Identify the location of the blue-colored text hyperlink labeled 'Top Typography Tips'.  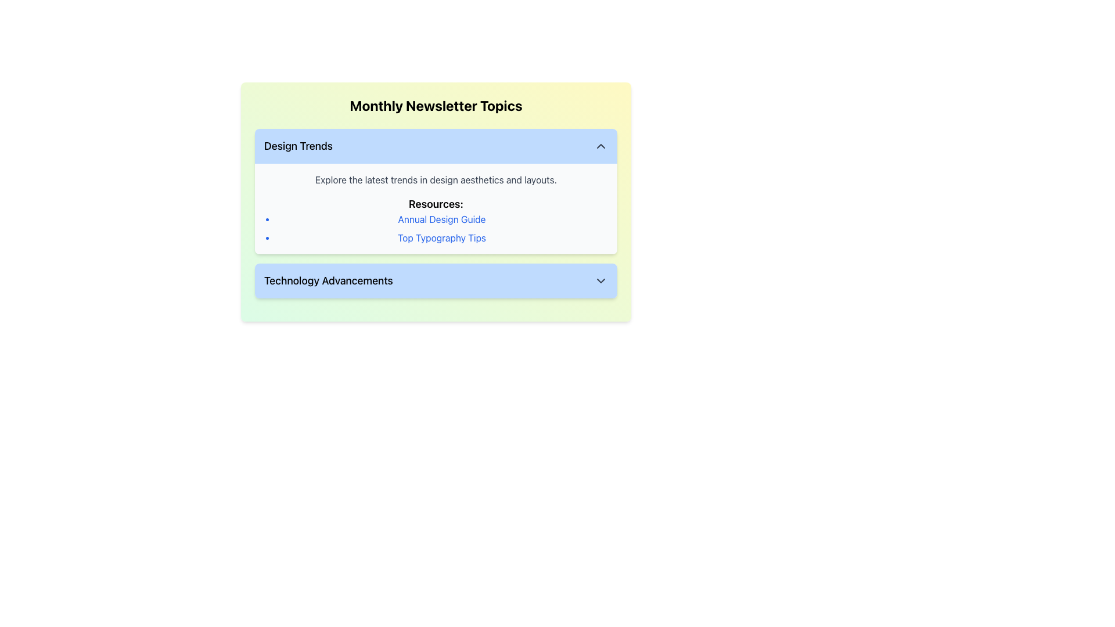
(441, 237).